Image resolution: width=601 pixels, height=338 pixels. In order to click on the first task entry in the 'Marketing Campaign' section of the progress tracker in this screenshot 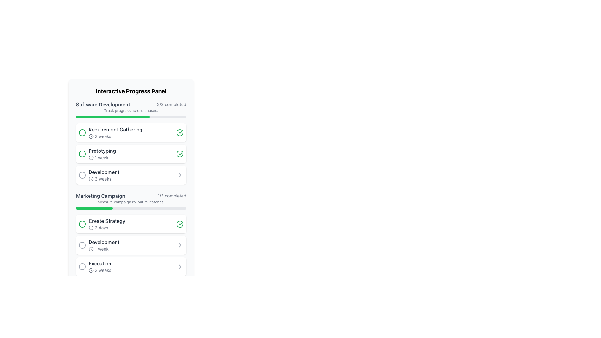, I will do `click(102, 224)`.